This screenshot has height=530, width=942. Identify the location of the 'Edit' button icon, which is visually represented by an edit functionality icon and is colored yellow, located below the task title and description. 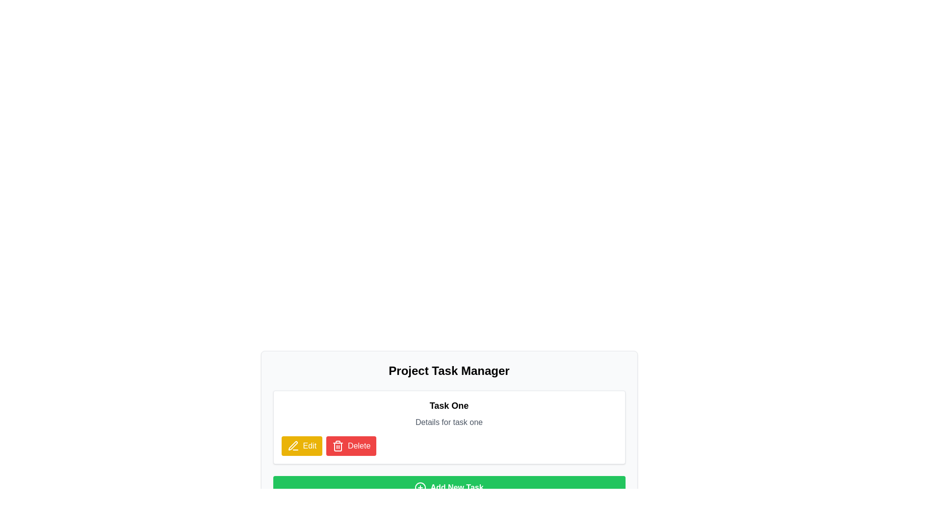
(292, 446).